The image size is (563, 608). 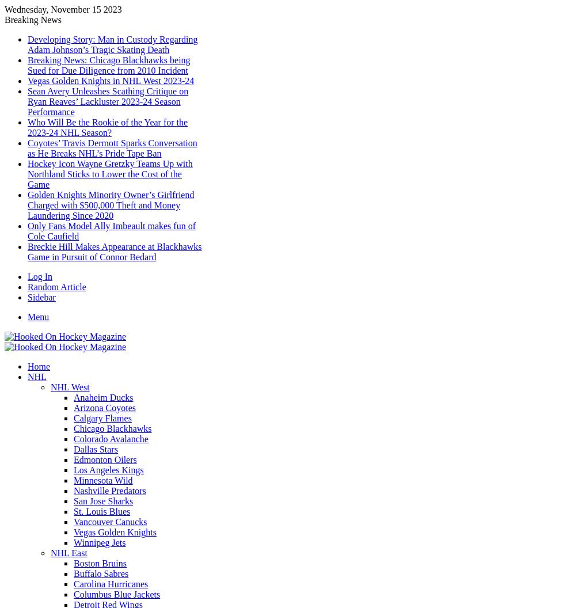 What do you see at coordinates (36, 376) in the screenshot?
I see `'NHL'` at bounding box center [36, 376].